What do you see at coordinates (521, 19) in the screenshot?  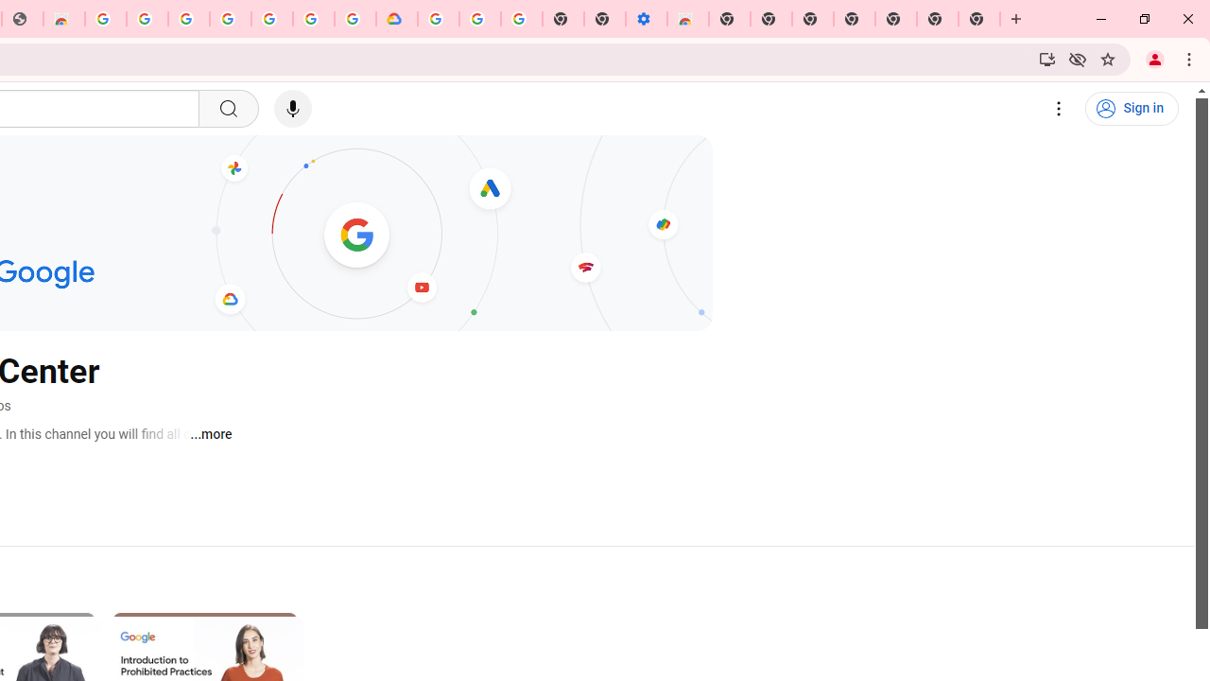 I see `'Turn cookies on or off - Computer - Google Account Help'` at bounding box center [521, 19].